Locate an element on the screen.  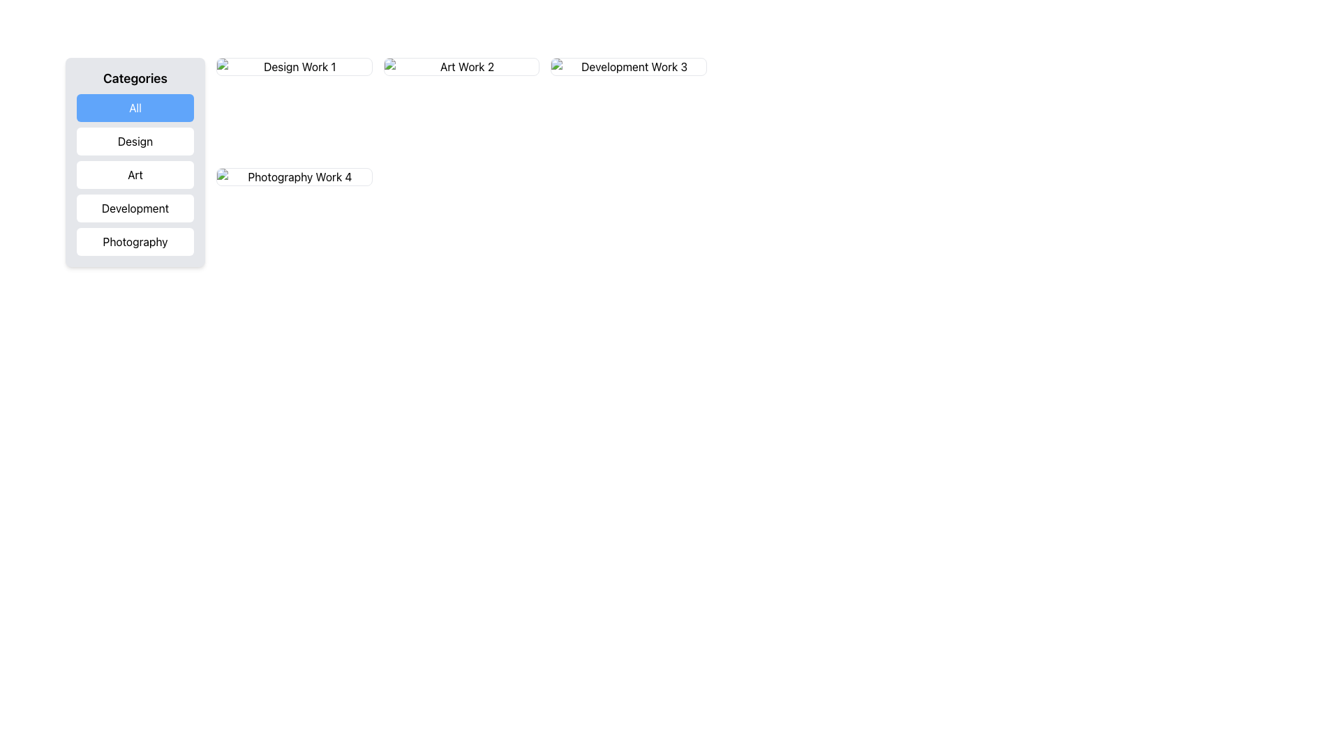
the blue button labeled 'All' in the Categories section is located at coordinates (135, 107).